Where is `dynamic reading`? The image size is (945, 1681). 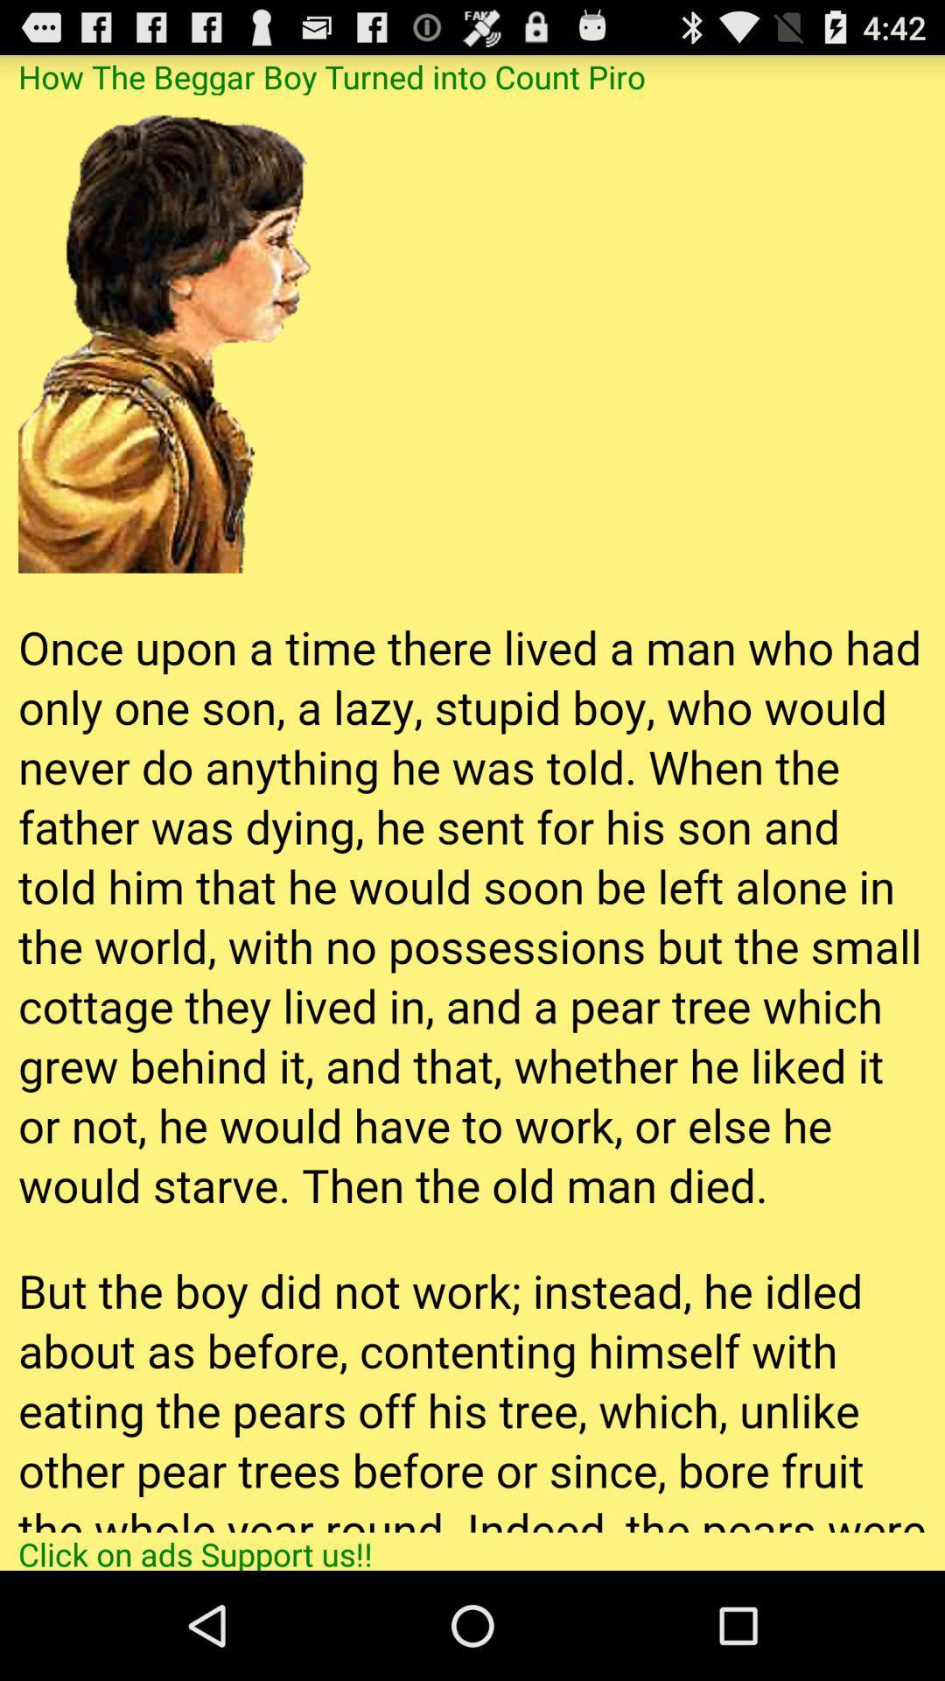
dynamic reading is located at coordinates (472, 812).